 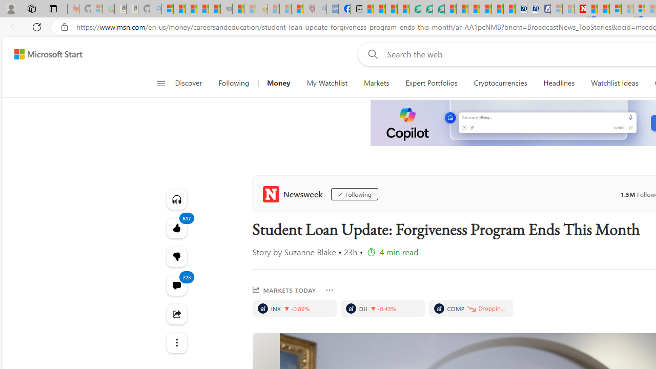 What do you see at coordinates (226, 9) in the screenshot?
I see `'Combat Siege'` at bounding box center [226, 9].